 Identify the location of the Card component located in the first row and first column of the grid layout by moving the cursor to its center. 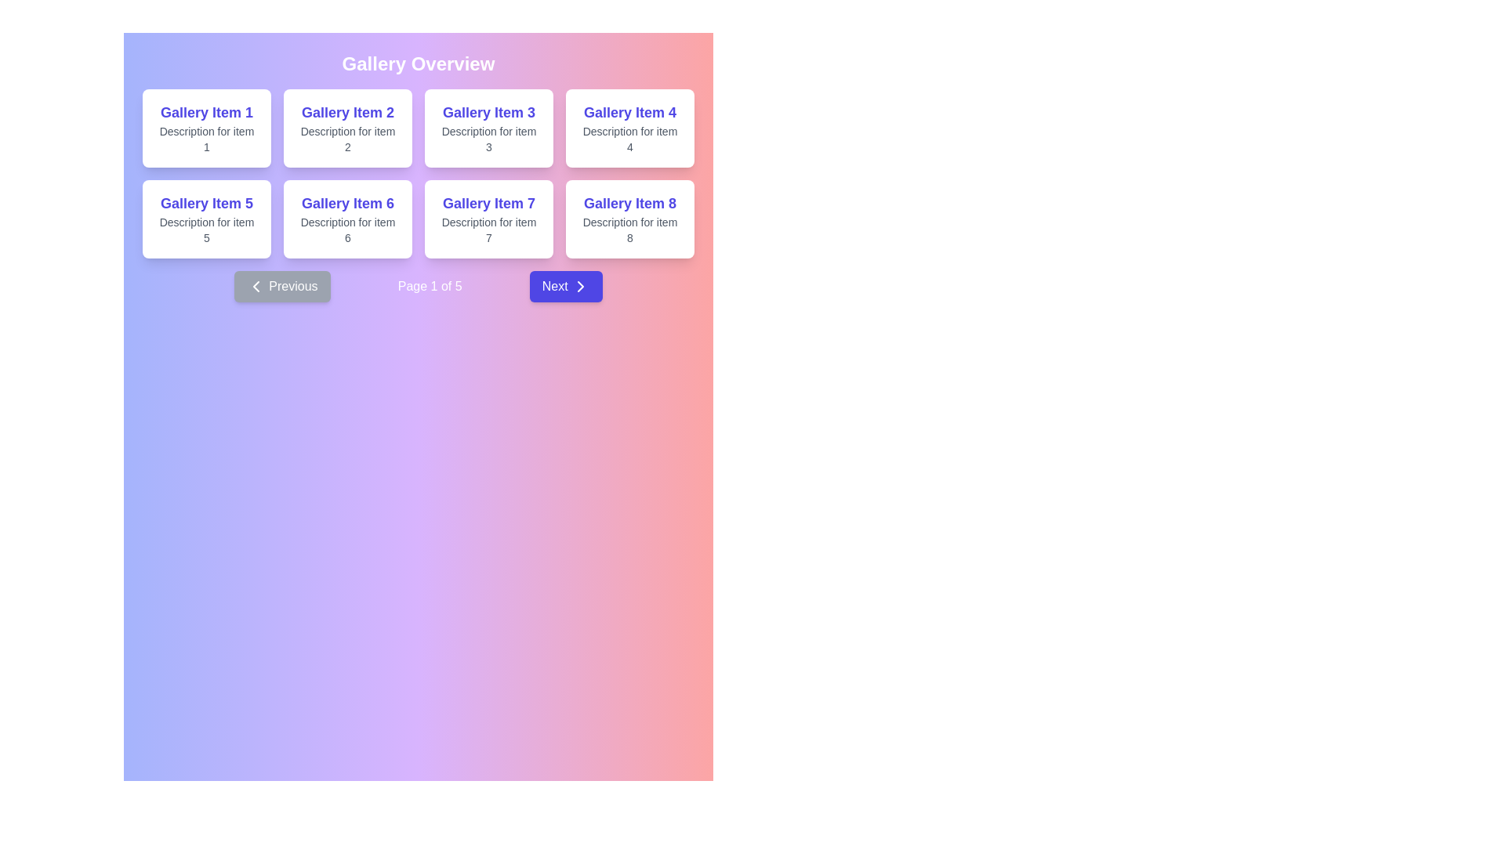
(206, 128).